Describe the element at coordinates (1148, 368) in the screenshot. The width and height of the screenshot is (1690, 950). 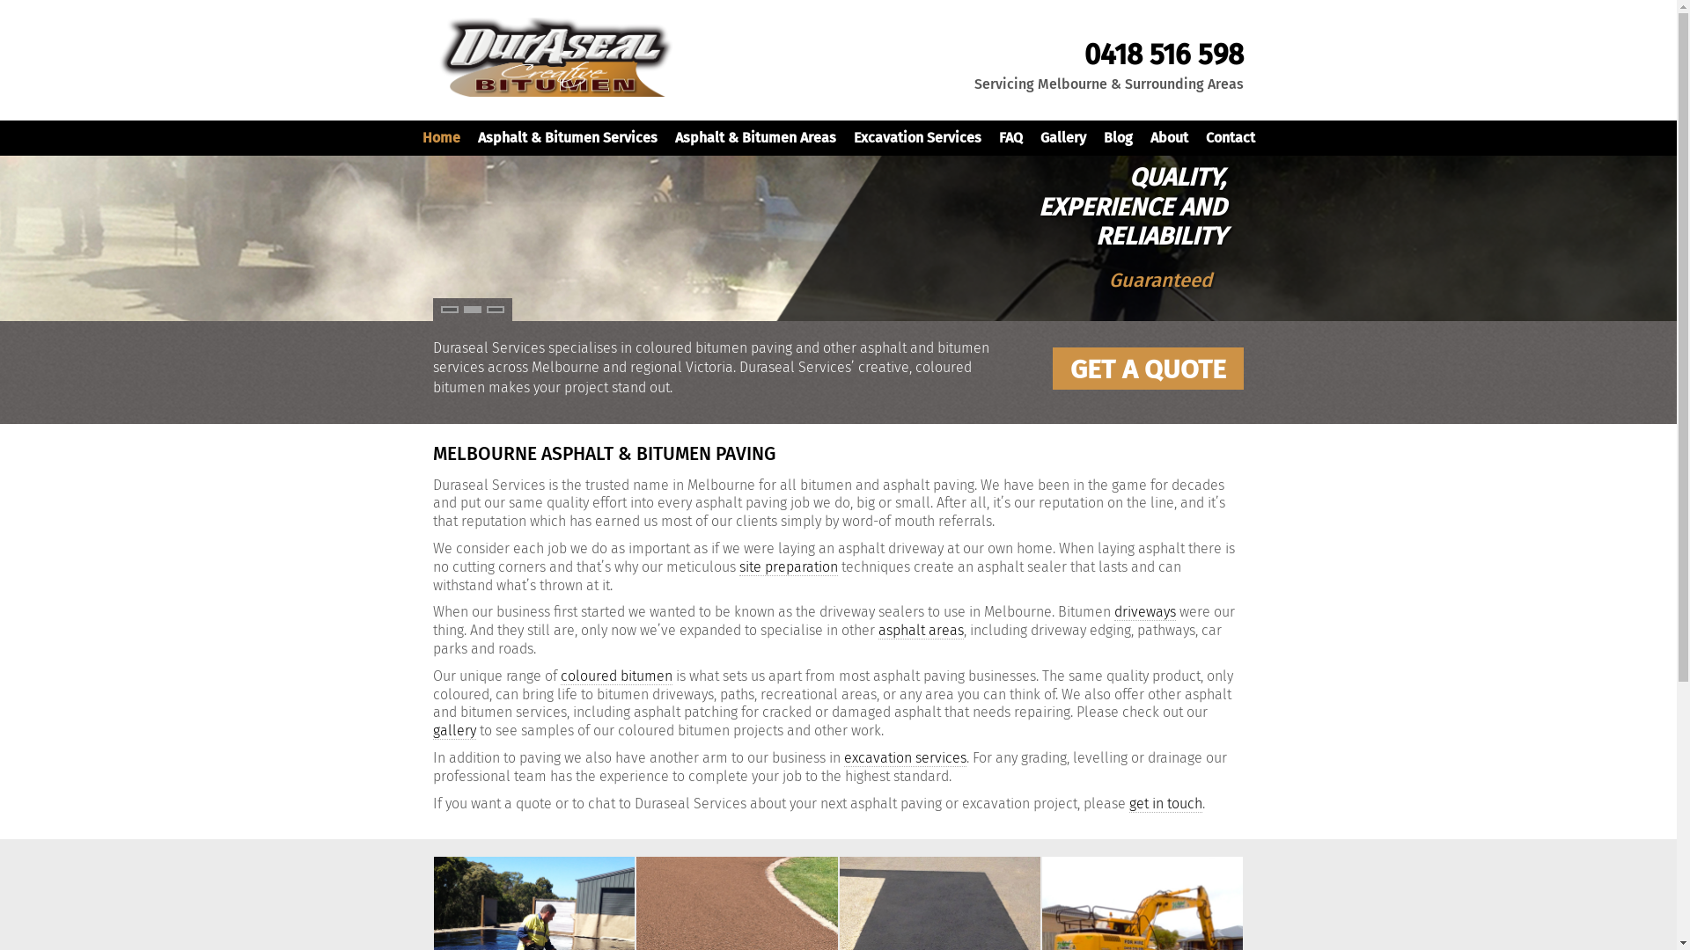
I see `'GET A QUOTE'` at that location.